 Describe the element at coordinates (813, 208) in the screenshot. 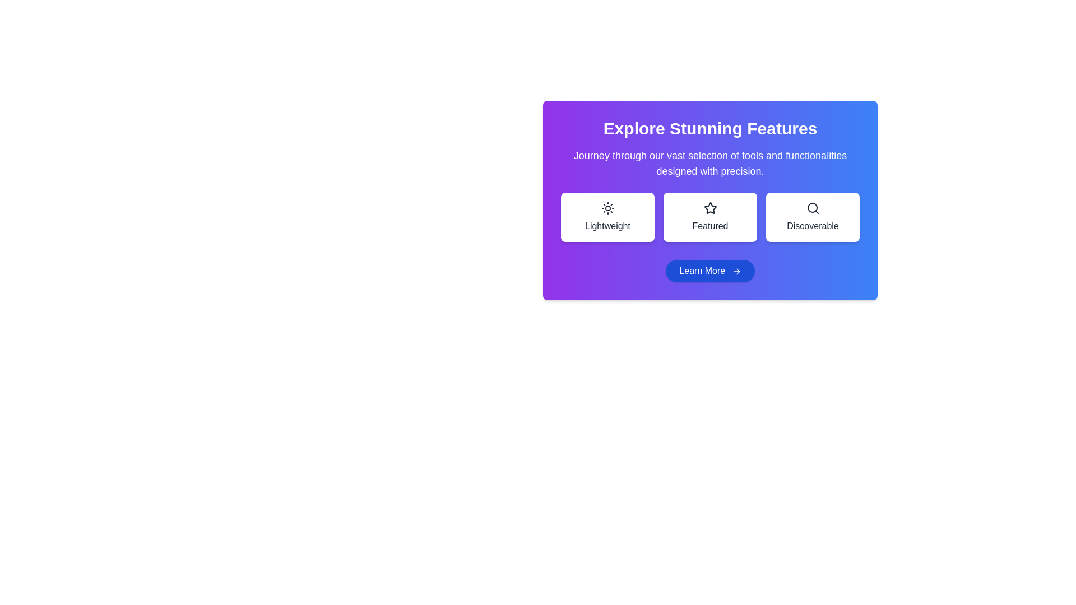

I see `the search icon located in the rightmost card of the 'Explore Stunning Features' section, positioned above the text 'Discoverable'` at that location.